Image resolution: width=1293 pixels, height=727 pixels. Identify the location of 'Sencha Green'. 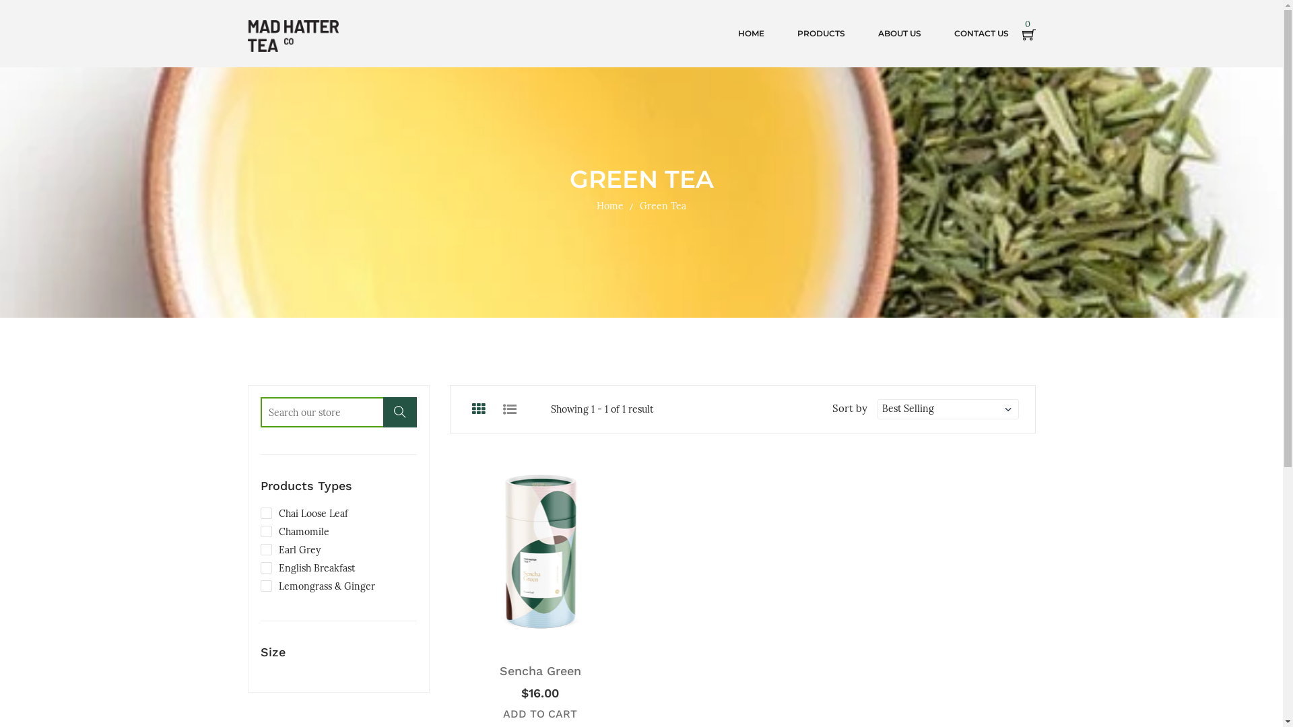
(499, 670).